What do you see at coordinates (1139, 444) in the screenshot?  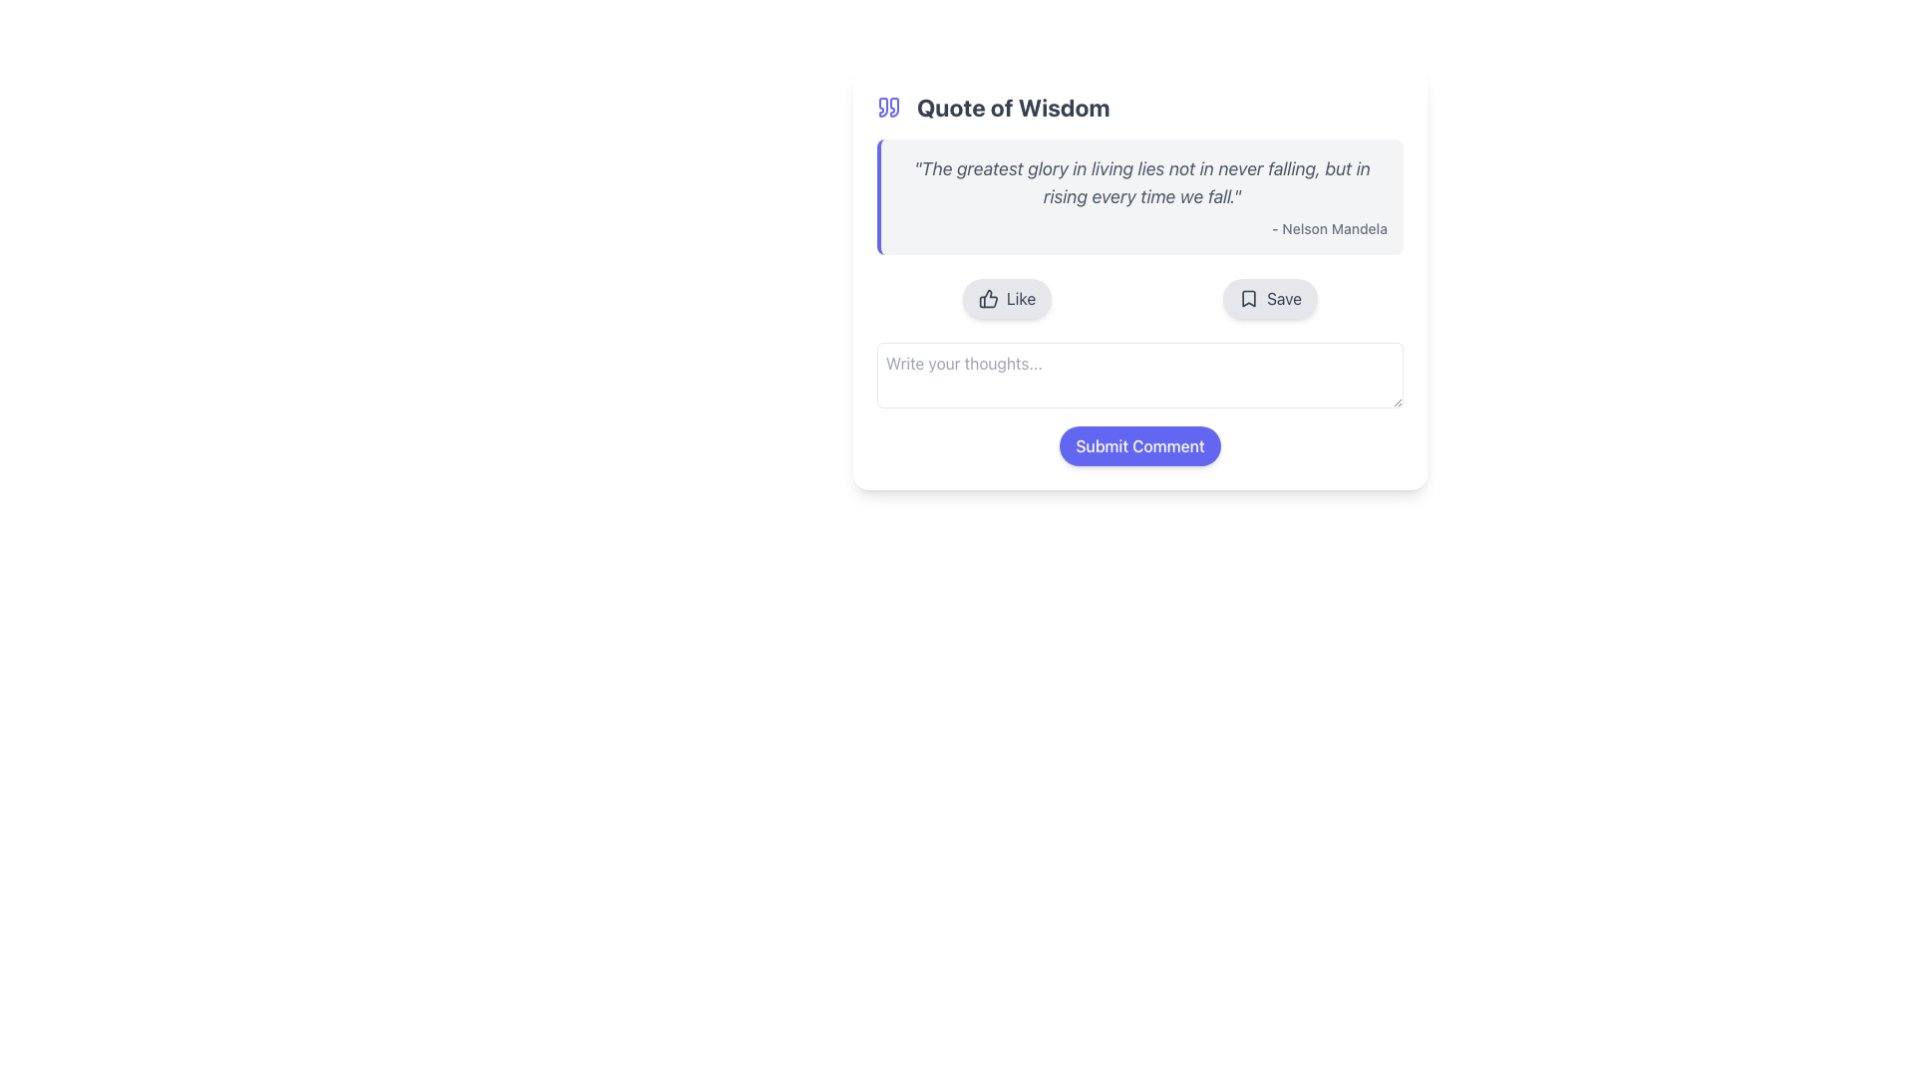 I see `the purple rounded 'Submit Comment' button` at bounding box center [1139, 444].